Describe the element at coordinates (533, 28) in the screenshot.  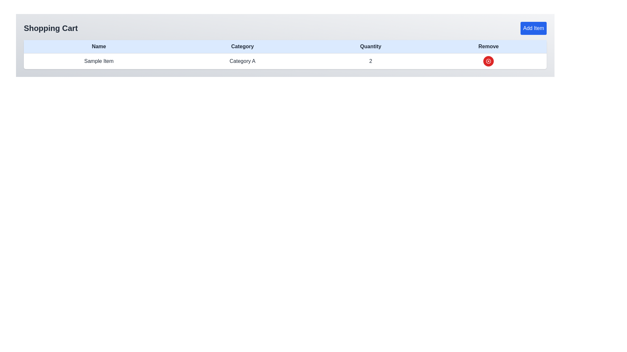
I see `the 'Add Item' button, which is a rectangular button with rounded corners, blue background, and white text, located in the upper-right corner of the shopping cart interface` at that location.